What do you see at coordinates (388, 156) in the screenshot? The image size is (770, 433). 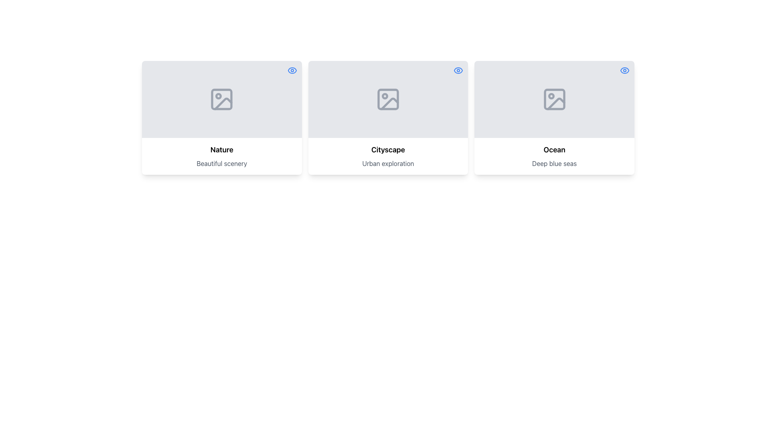 I see `the text block displaying 'Cityscape' and its subtitle 'Urban exploration', located in the middle card of three horizontally aligned cards` at bounding box center [388, 156].